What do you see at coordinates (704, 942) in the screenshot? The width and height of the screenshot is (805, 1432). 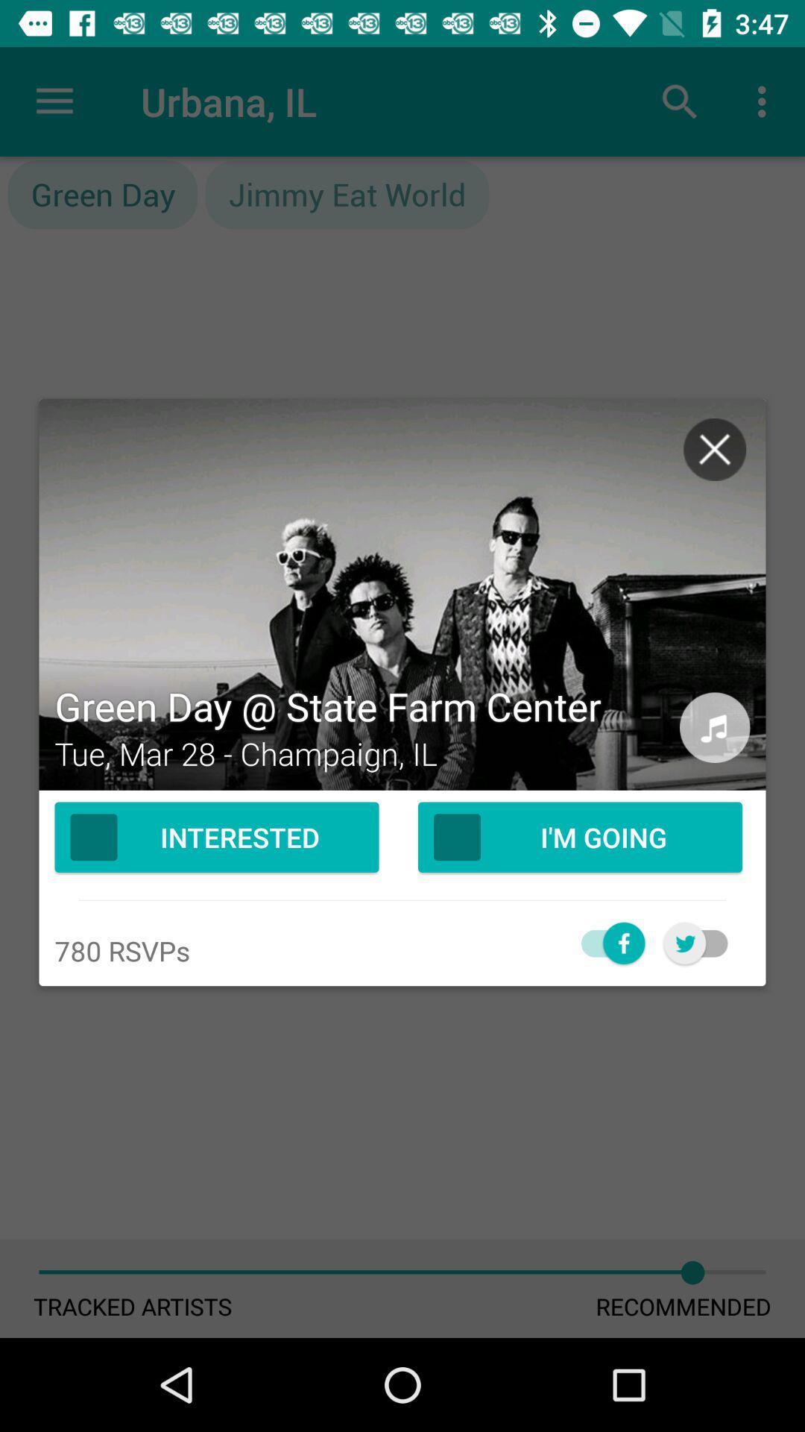 I see `share to twitter` at bounding box center [704, 942].